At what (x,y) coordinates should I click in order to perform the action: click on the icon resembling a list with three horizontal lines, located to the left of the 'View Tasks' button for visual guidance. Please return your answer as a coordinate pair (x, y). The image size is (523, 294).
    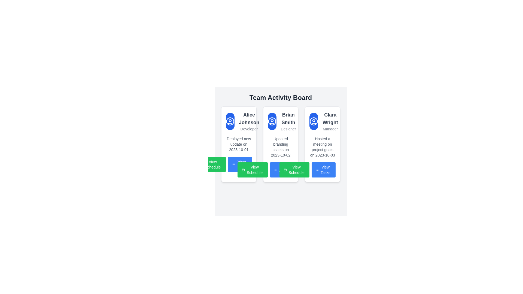
    Looking at the image, I should click on (233, 164).